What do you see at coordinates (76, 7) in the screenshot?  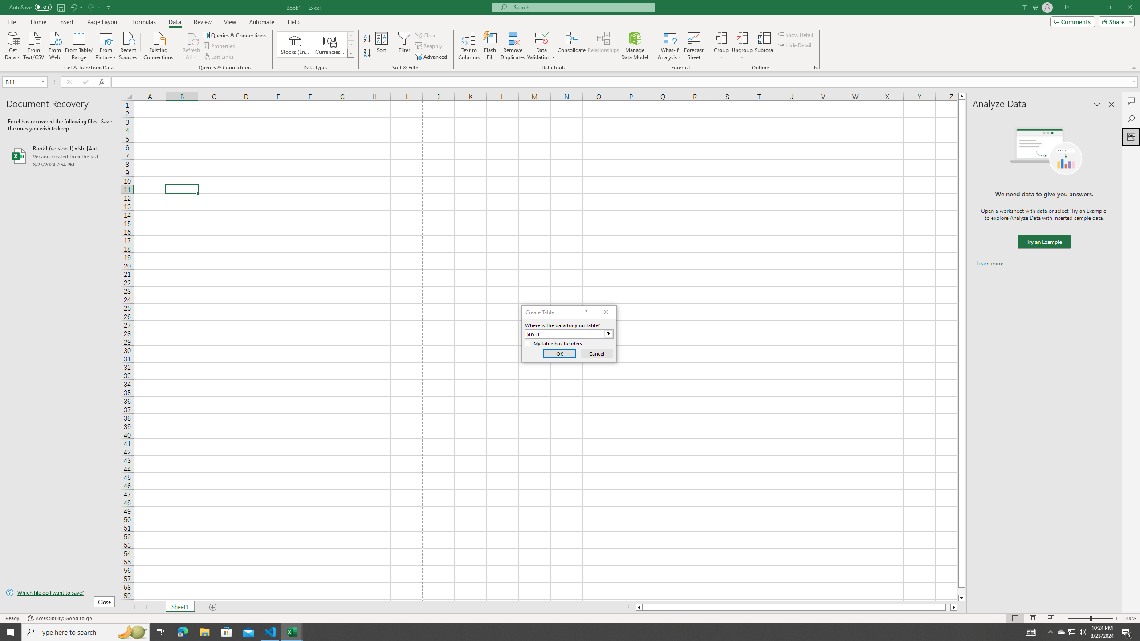 I see `'Undo'` at bounding box center [76, 7].